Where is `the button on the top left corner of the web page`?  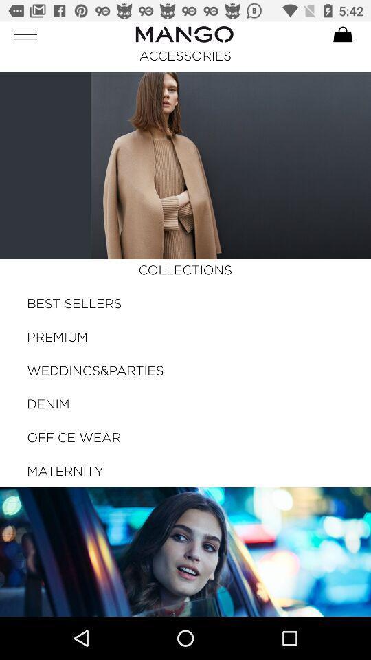 the button on the top left corner of the web page is located at coordinates (34, 34).